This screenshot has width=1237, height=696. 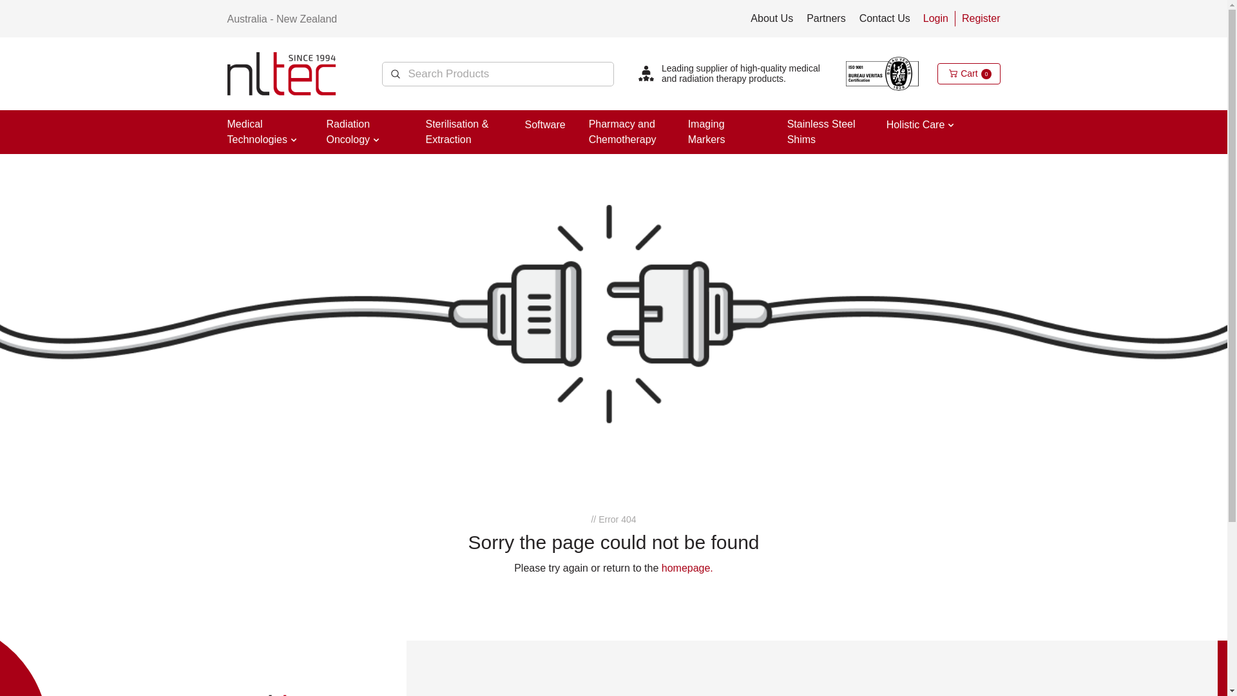 What do you see at coordinates (968, 73) in the screenshot?
I see `'Cart 0'` at bounding box center [968, 73].